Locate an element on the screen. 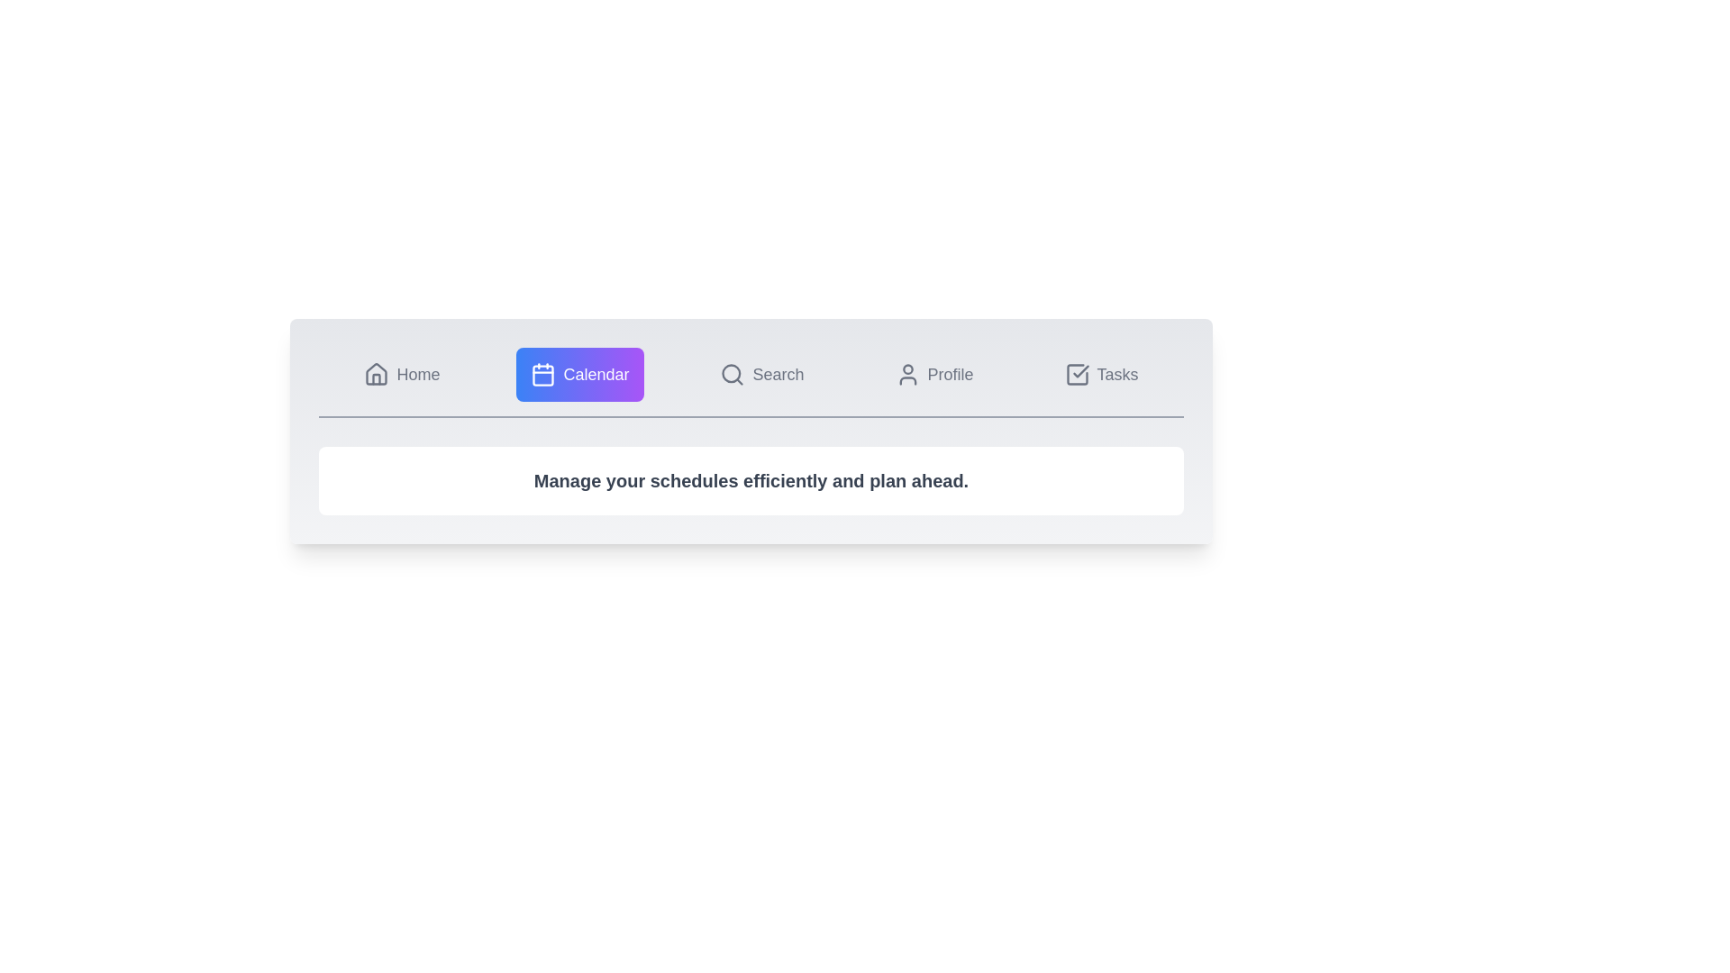  the tab labeled Search to observe its hover effect is located at coordinates (761, 374).